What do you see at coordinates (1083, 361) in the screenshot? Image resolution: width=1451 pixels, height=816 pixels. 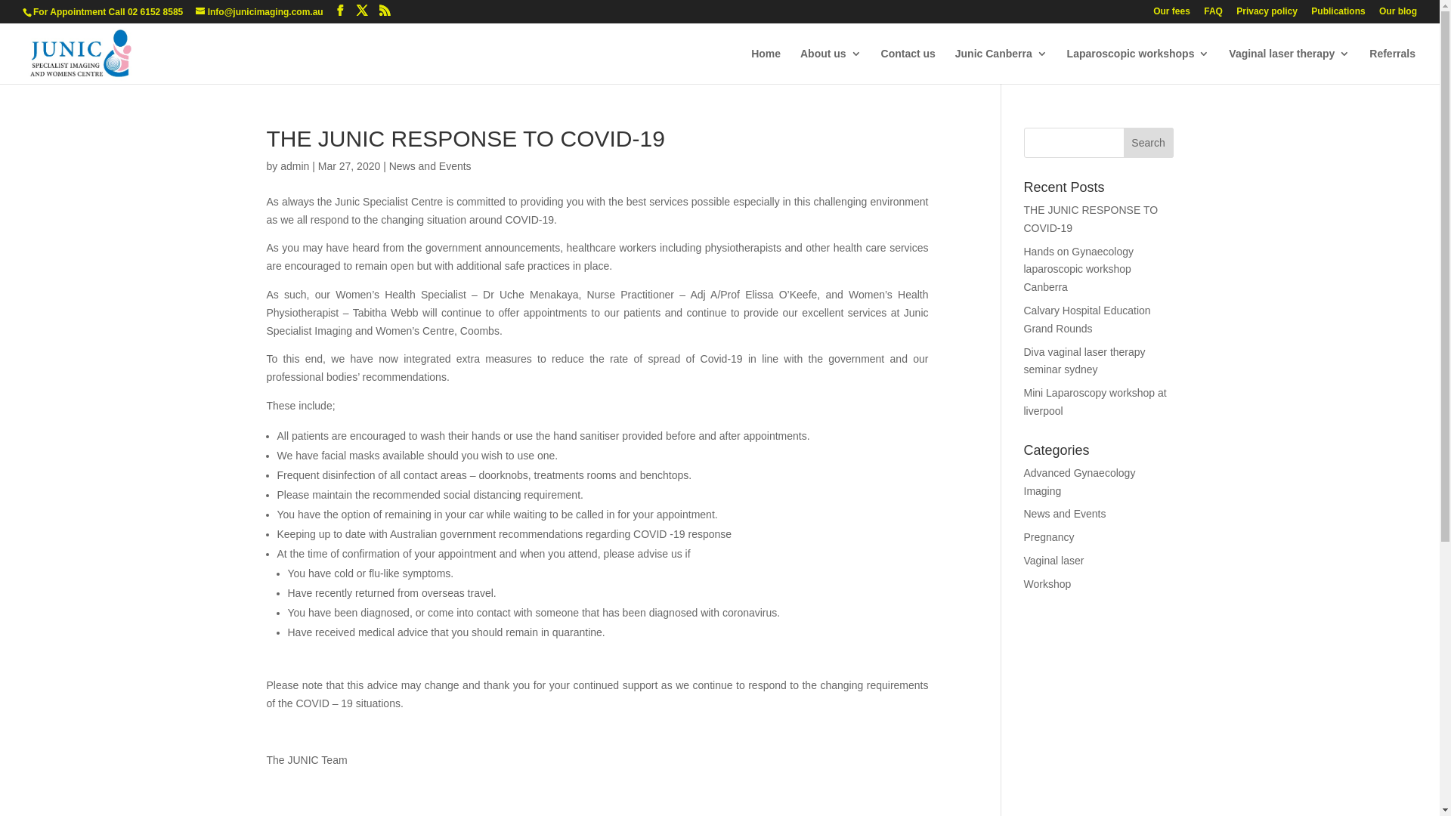 I see `'Diva vaginal laser therapy seminar sydney'` at bounding box center [1083, 361].